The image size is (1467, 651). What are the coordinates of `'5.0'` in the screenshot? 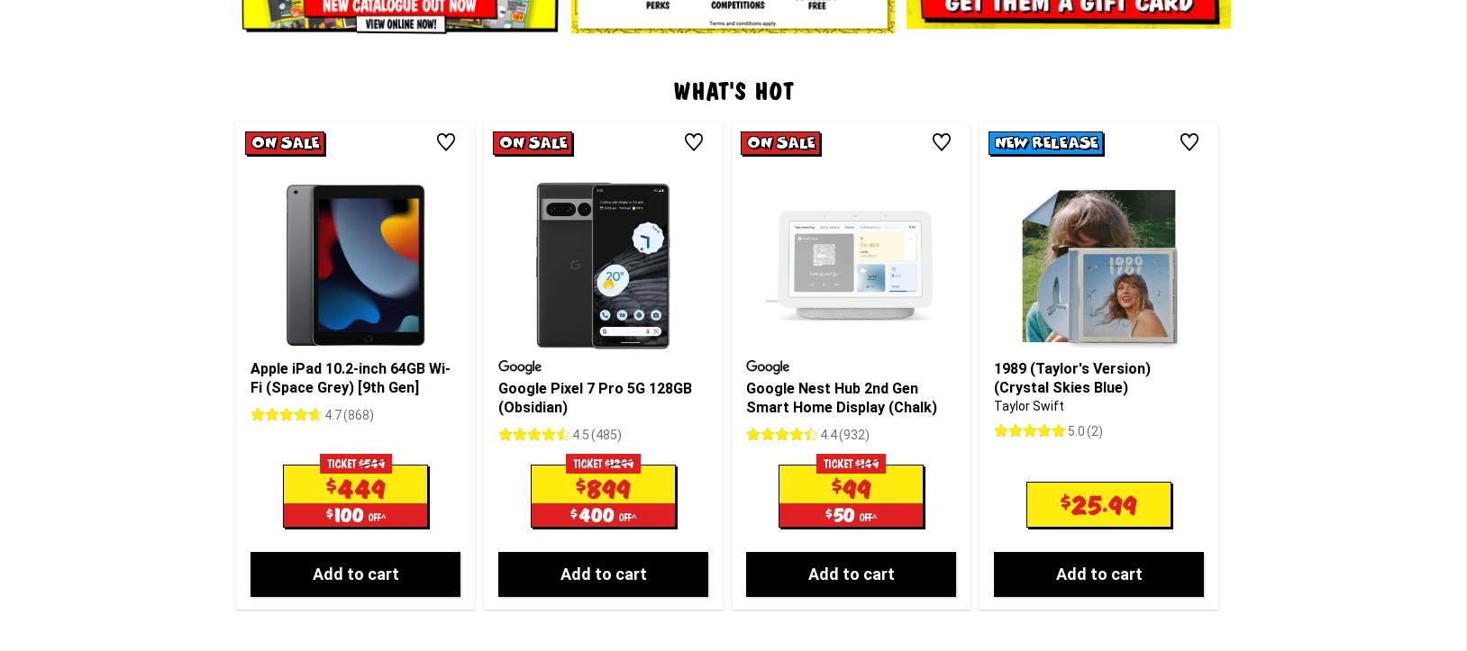 It's located at (1076, 280).